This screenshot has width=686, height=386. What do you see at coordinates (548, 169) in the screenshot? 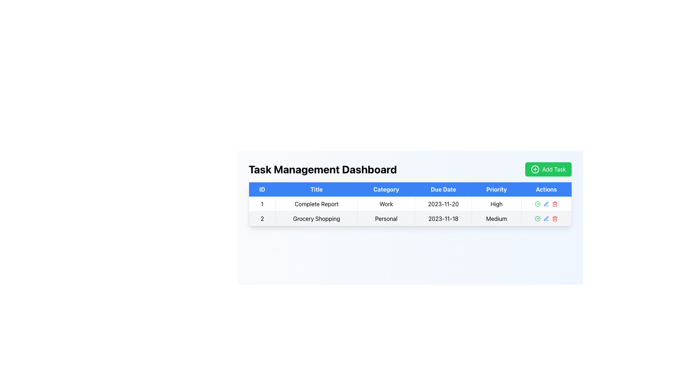
I see `the 'Add Task' button located in the upper right corner of the 'Task Management Dashboard' interface` at bounding box center [548, 169].